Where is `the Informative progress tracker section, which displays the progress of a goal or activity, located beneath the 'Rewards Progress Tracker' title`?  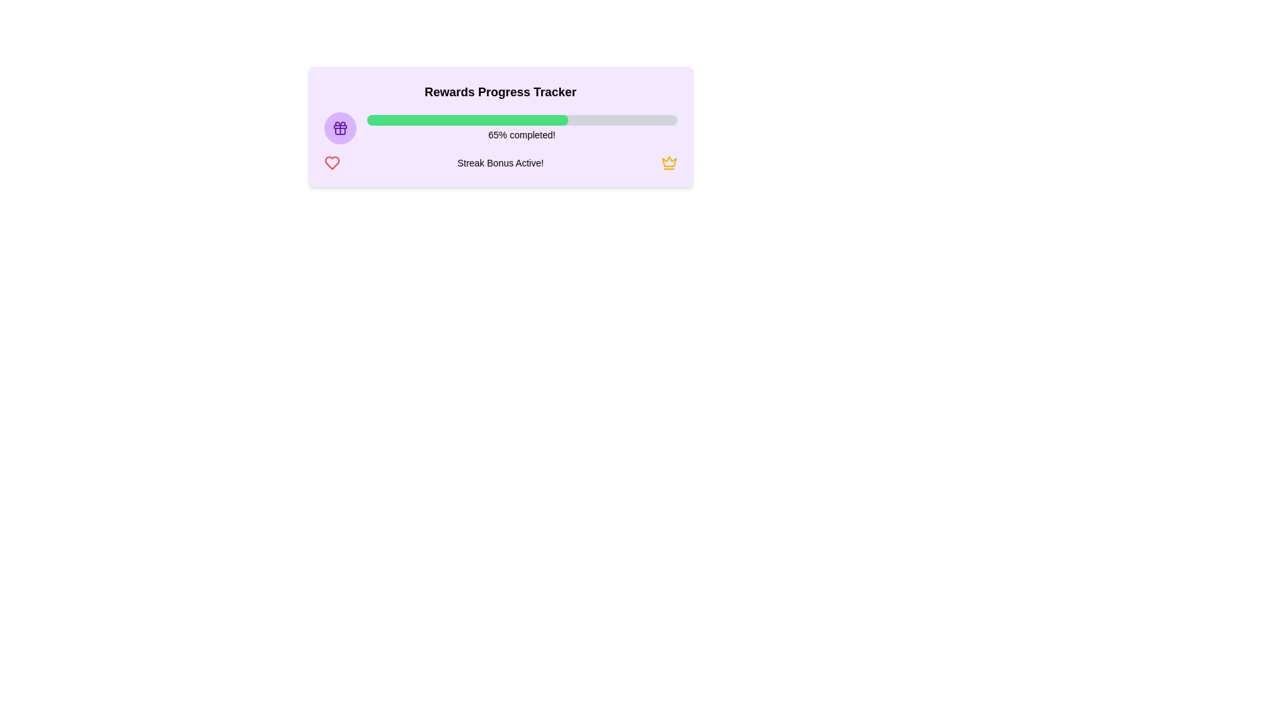 the Informative progress tracker section, which displays the progress of a goal or activity, located beneath the 'Rewards Progress Tracker' title is located at coordinates (500, 142).